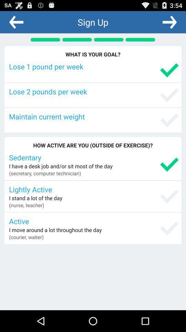  Describe the element at coordinates (55, 230) in the screenshot. I see `i move around item` at that location.